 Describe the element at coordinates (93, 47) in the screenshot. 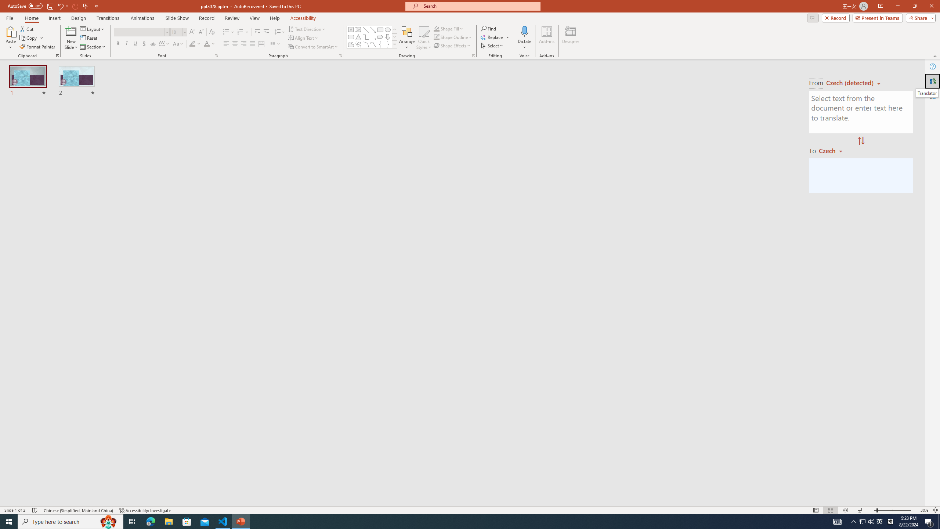

I see `'Section'` at that location.